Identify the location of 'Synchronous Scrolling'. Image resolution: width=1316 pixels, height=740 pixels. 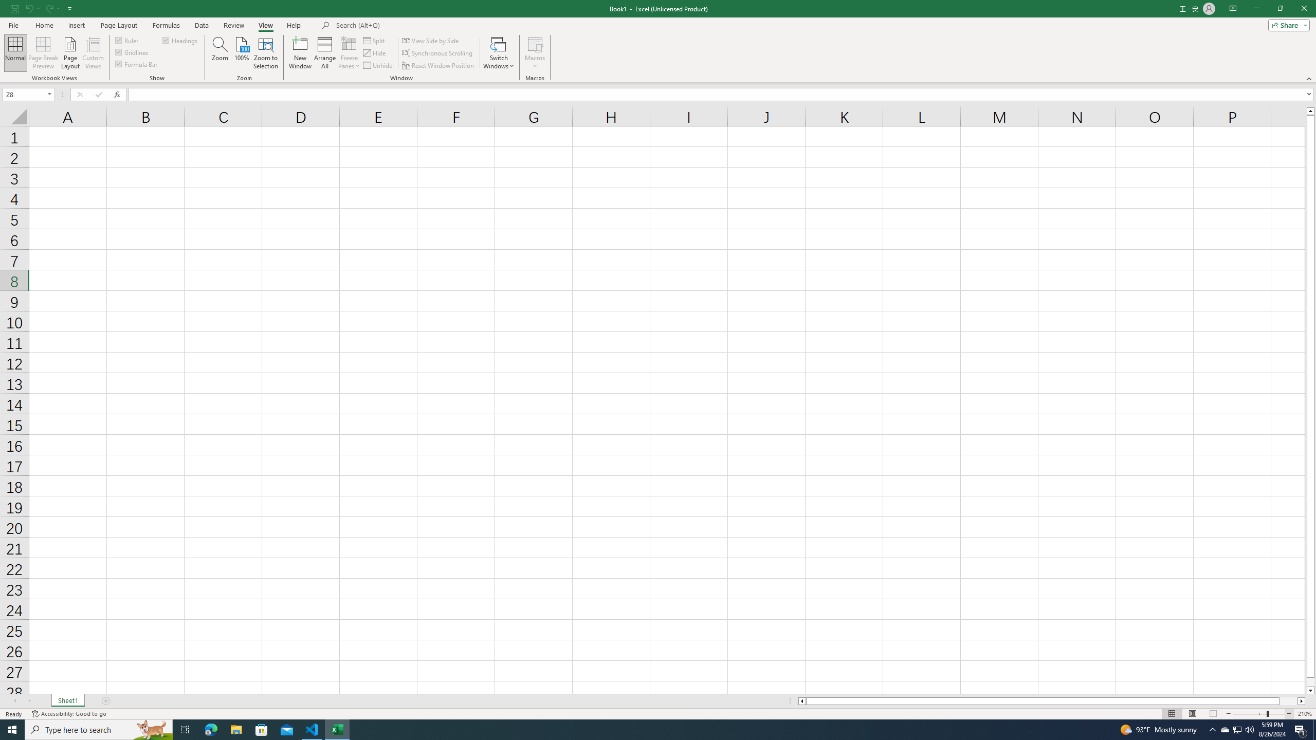
(437, 53).